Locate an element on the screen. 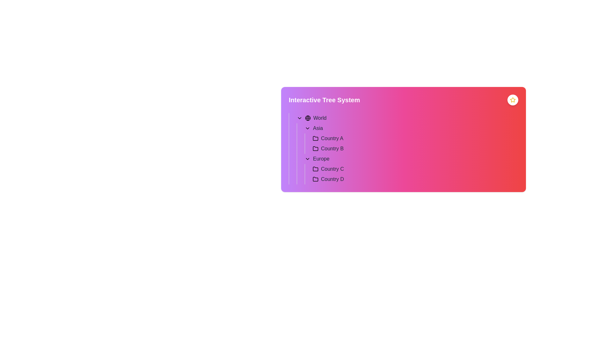  the Tree Item labeled 'Country C' that is the first entry under the 'Europe' section, styled with a gray border on the left is located at coordinates (412, 169).